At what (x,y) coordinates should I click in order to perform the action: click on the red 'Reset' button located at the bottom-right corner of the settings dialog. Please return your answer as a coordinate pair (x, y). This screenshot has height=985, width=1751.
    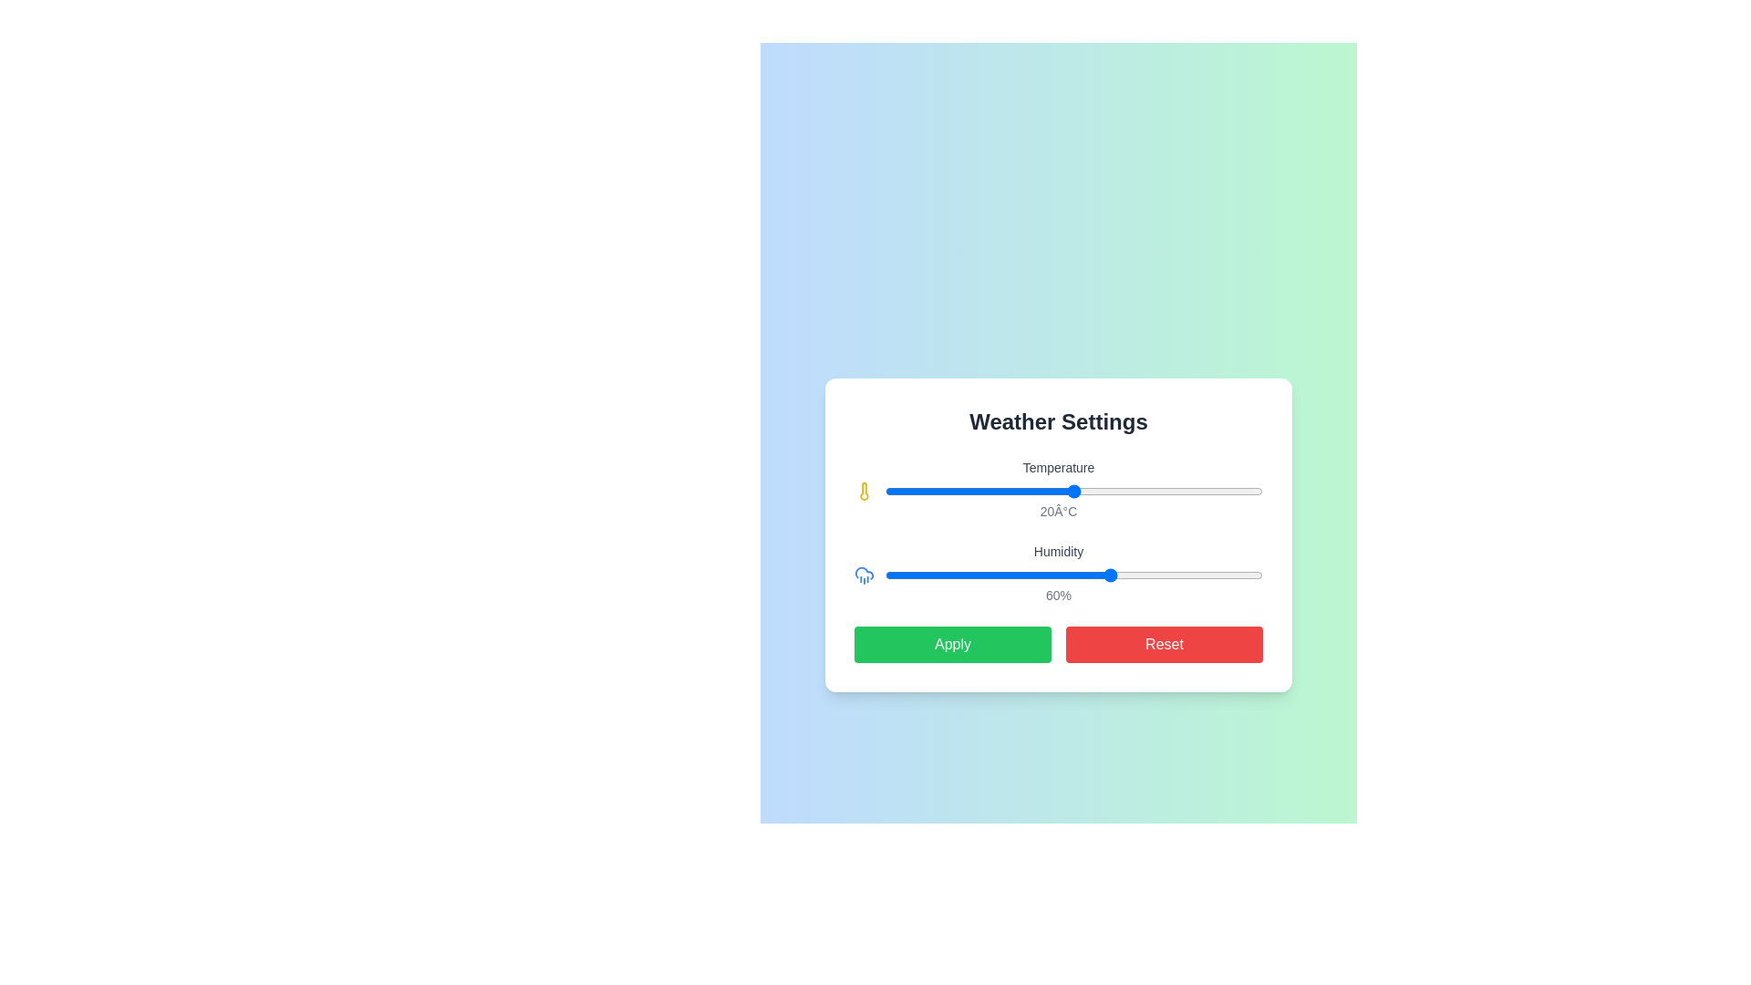
    Looking at the image, I should click on (1163, 643).